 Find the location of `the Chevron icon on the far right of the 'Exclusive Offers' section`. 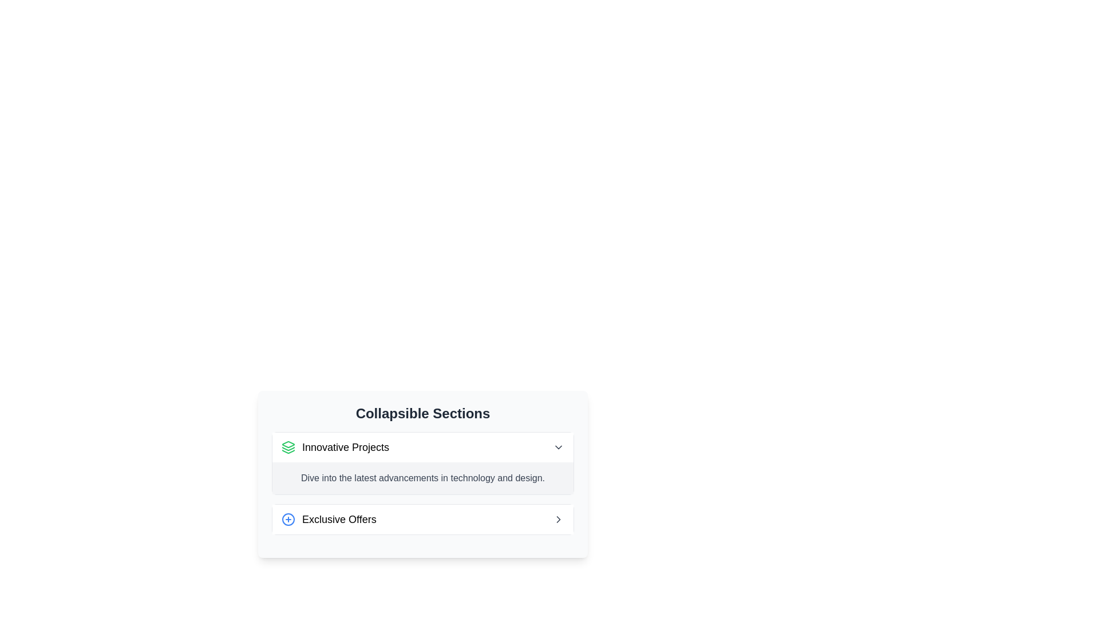

the Chevron icon on the far right of the 'Exclusive Offers' section is located at coordinates (558, 519).